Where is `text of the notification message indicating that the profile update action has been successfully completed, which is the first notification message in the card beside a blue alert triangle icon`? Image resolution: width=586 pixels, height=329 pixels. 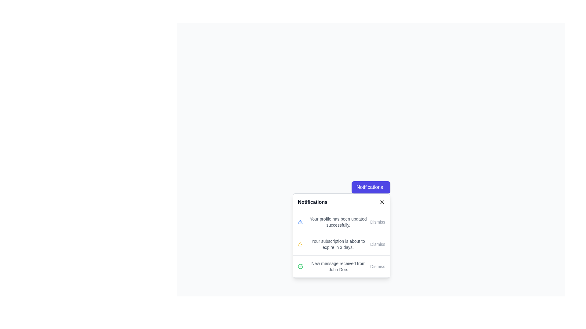 text of the notification message indicating that the profile update action has been successfully completed, which is the first notification message in the card beside a blue alert triangle icon is located at coordinates (334, 222).